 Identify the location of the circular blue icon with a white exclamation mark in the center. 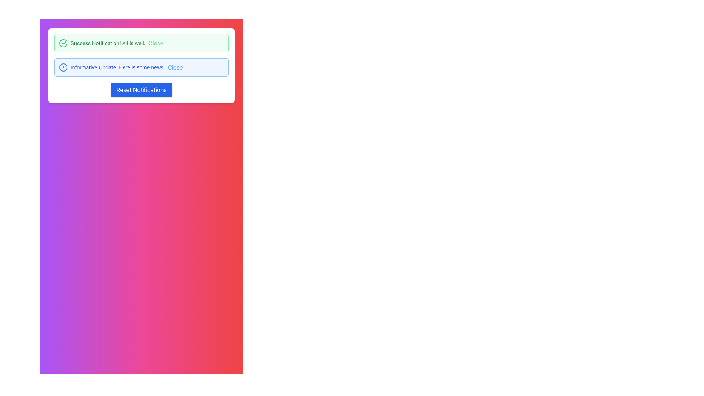
(63, 67).